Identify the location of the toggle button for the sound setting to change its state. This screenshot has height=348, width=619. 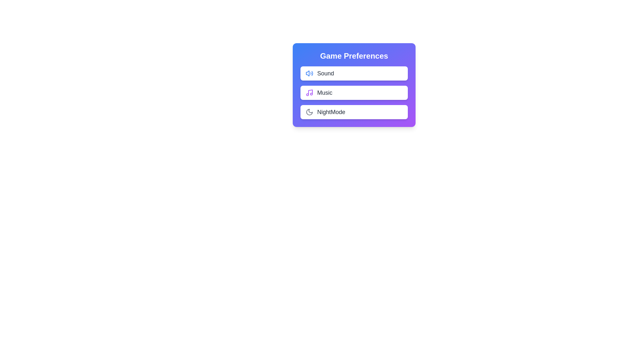
(394, 73).